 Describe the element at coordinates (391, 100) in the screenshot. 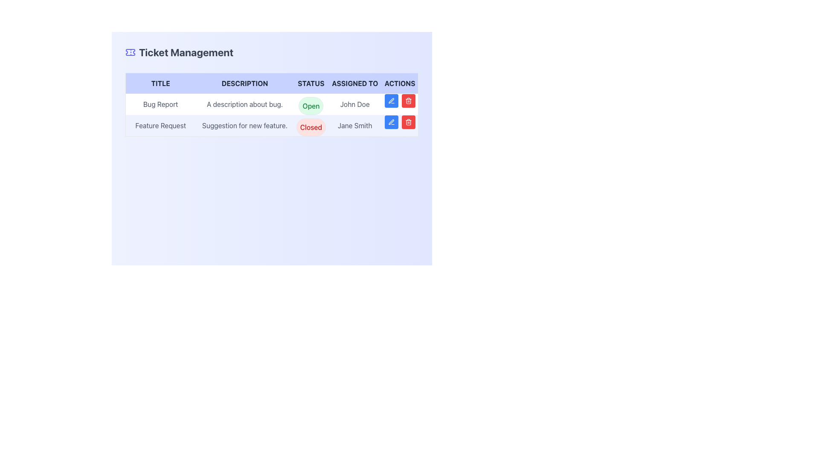

I see `the edit icon button located in the second row of the 'Actions' column in the ticket management table` at that location.